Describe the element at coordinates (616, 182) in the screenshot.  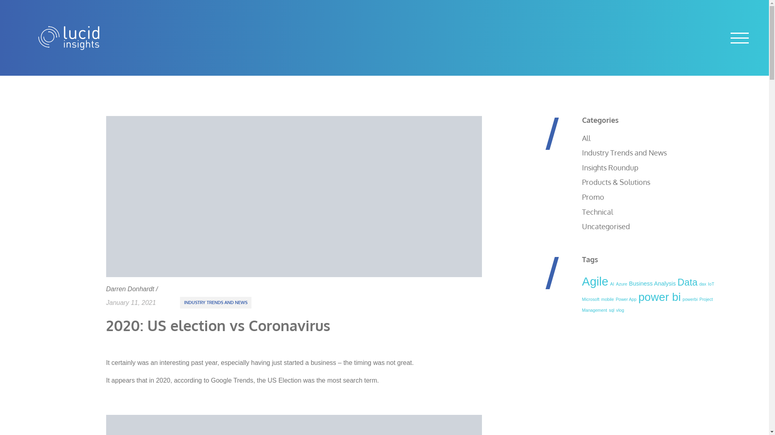
I see `'Products & Solutions'` at that location.